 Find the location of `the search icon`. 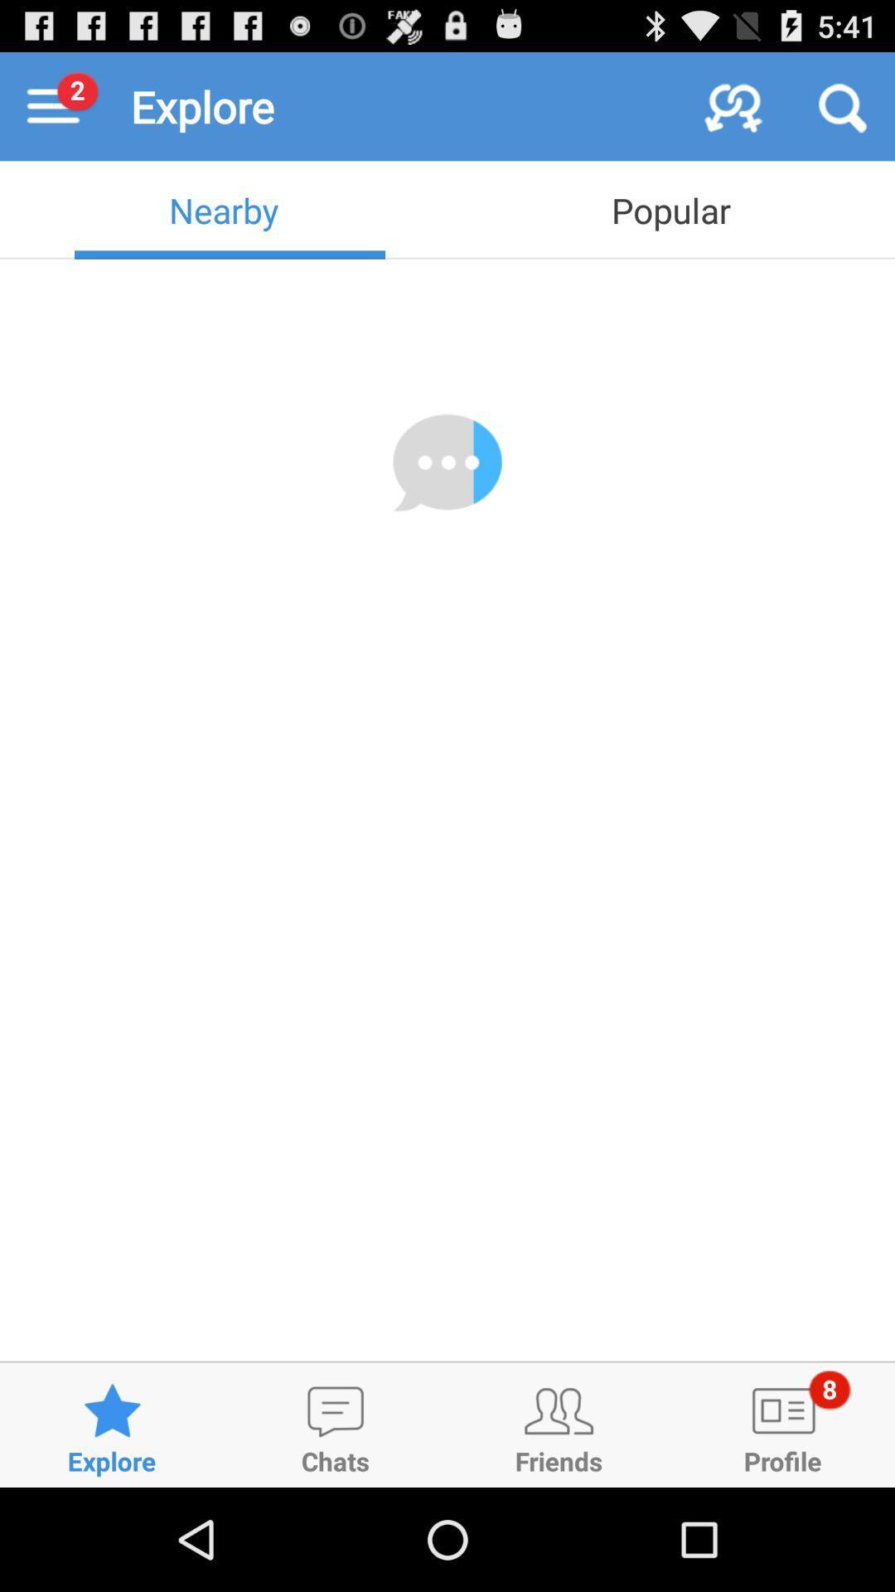

the search icon is located at coordinates (840, 113).